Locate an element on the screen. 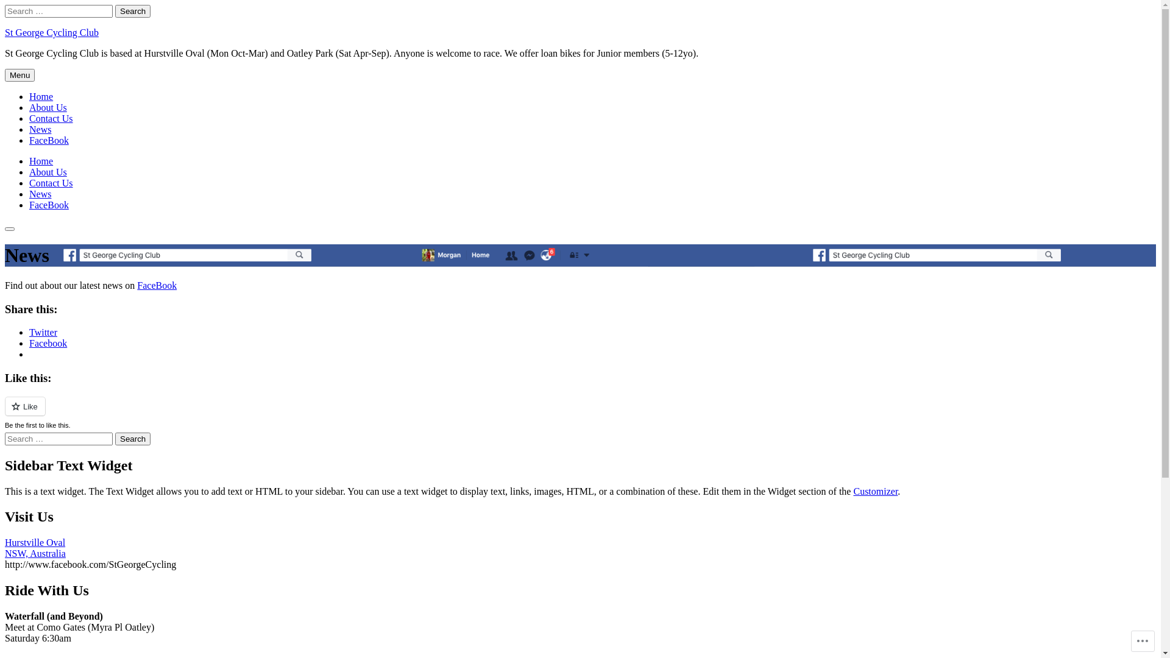  'St George Cycling Club' is located at coordinates (51, 32).